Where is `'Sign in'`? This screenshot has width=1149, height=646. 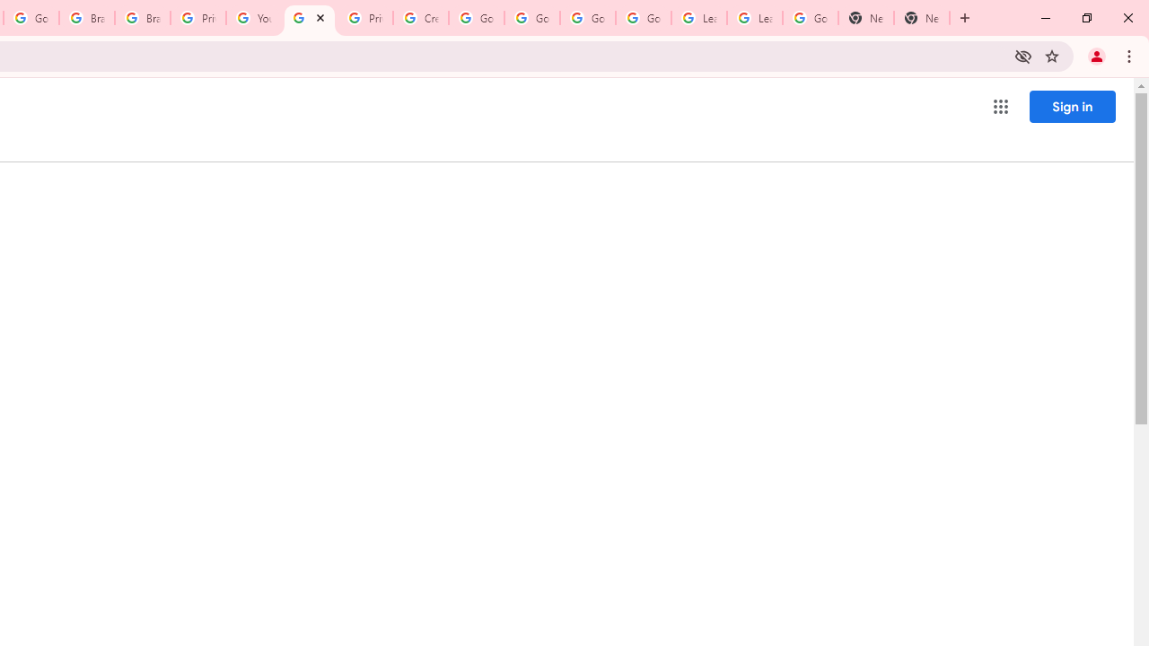
'Sign in' is located at coordinates (1072, 106).